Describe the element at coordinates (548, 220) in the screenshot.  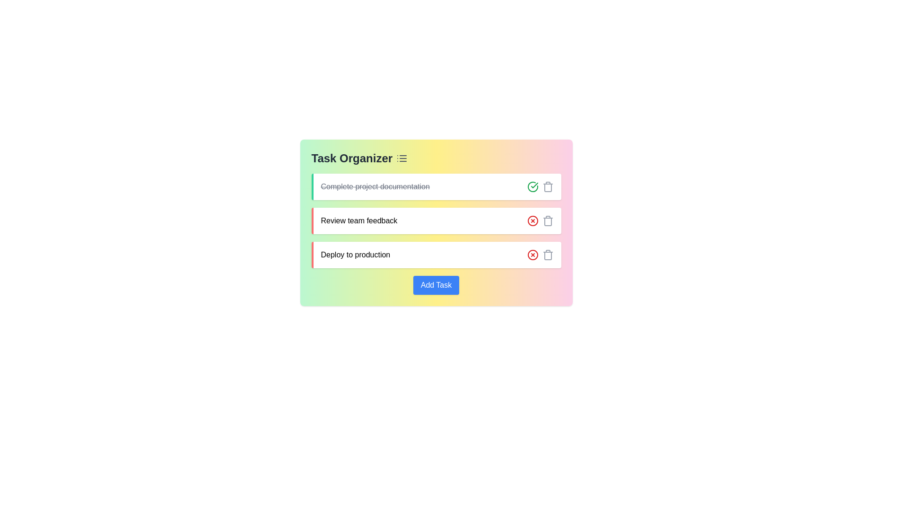
I see `the trash bin icon button at the far-right end of the second task row` at that location.